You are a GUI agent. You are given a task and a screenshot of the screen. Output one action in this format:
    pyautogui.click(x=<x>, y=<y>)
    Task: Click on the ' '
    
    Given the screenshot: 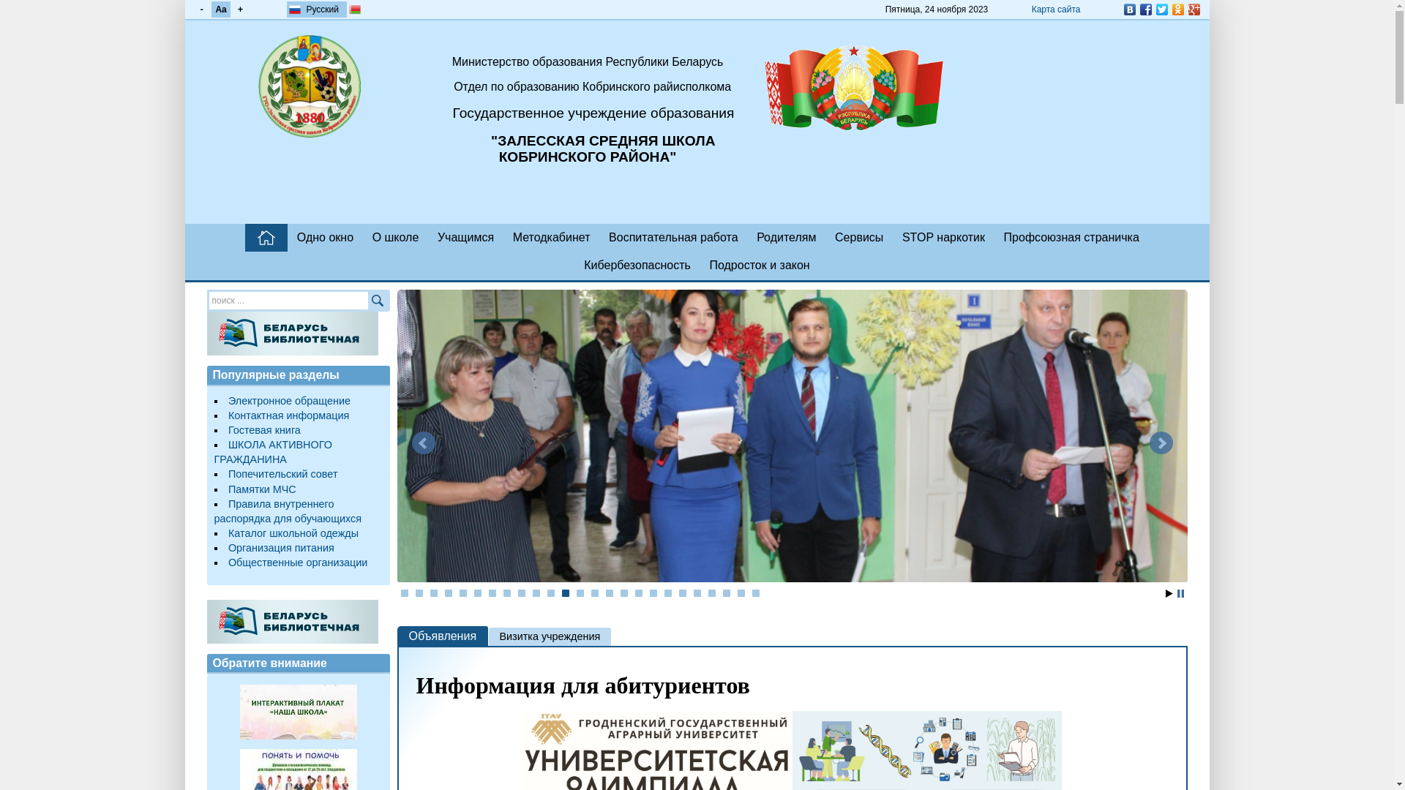 What is the action you would take?
    pyautogui.click(x=245, y=236)
    